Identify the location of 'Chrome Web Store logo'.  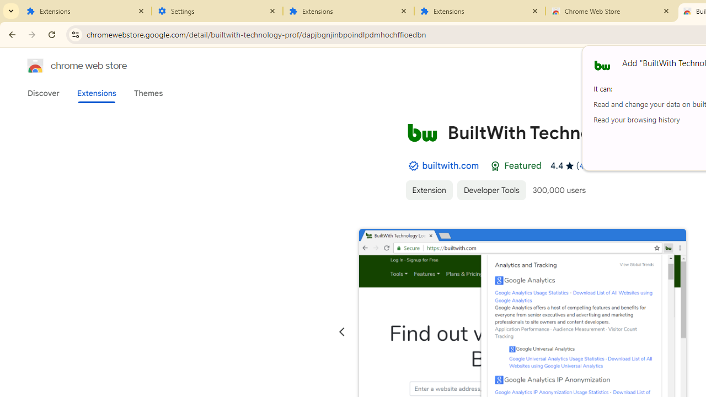
(35, 66).